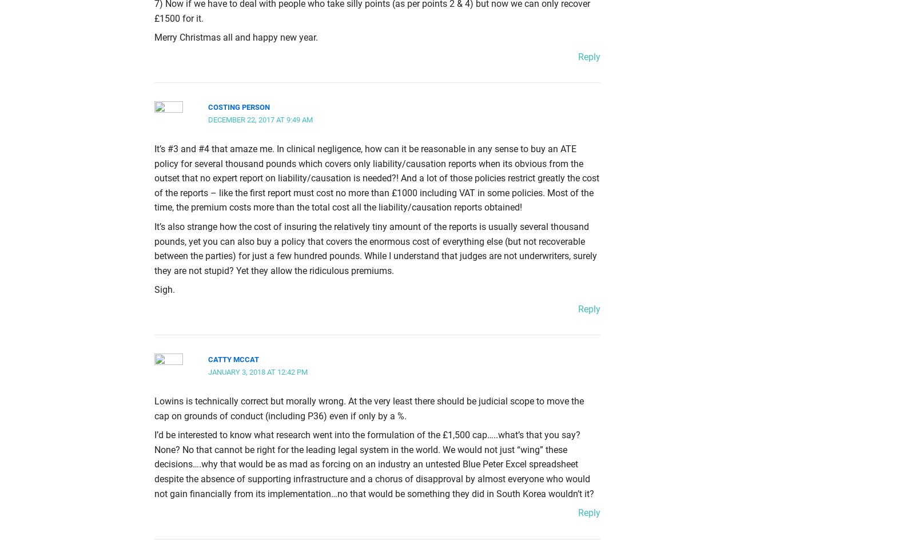  What do you see at coordinates (369, 408) in the screenshot?
I see `'Lowins is technically correct but morally wrong.  At the very least there should be judicial scope to move the cap on grounds of conduct (including P36) even if only by a %.'` at bounding box center [369, 408].